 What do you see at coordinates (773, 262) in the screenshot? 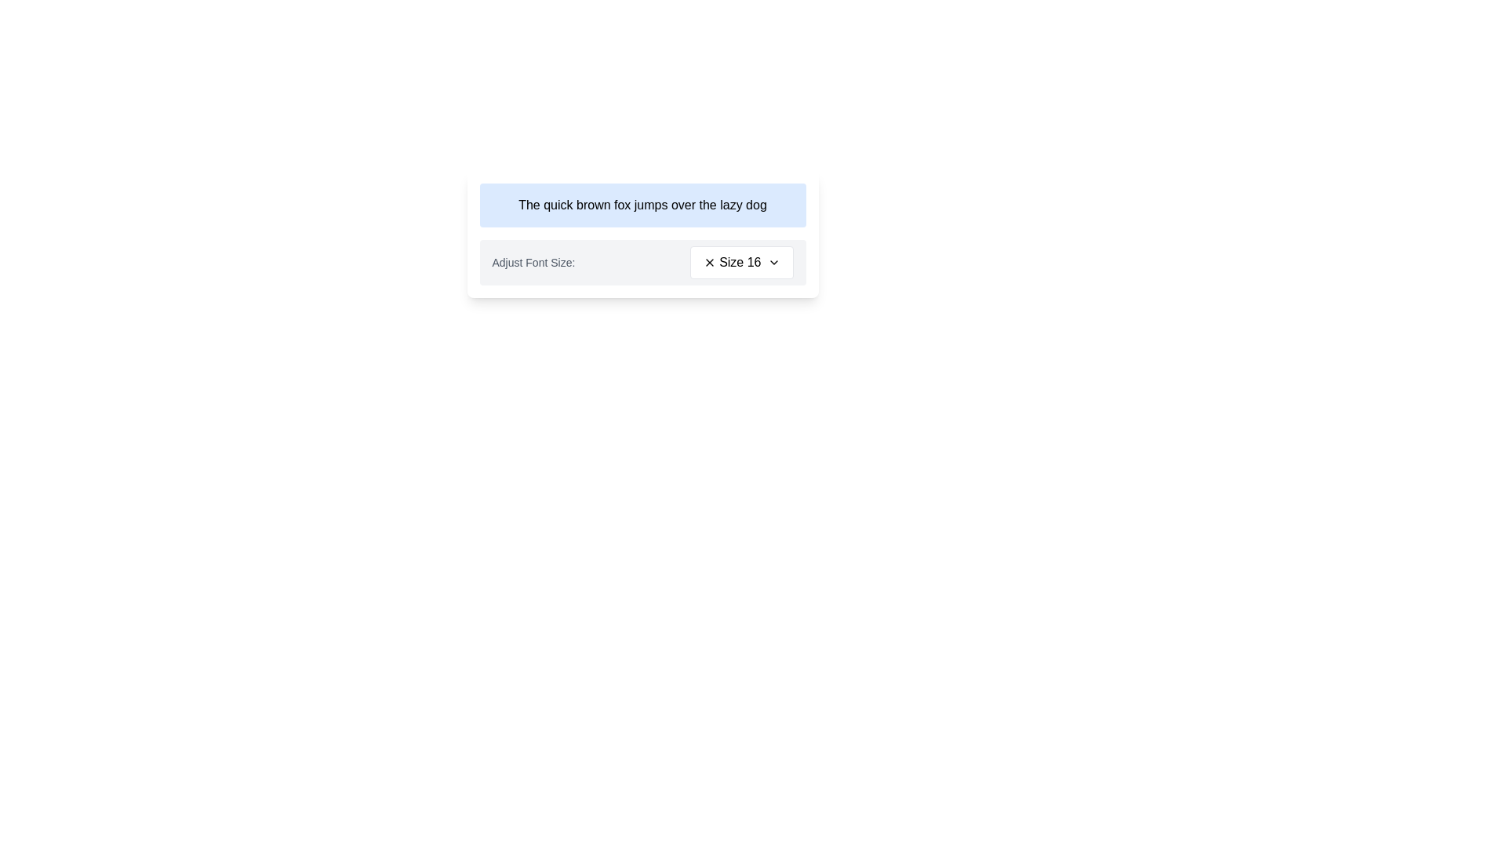
I see `the chevron icon located at the rightmost position of the 'Size 16' control element` at bounding box center [773, 262].